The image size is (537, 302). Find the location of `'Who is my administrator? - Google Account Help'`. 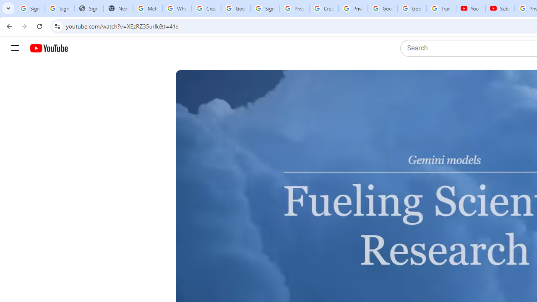

'Who is my administrator? - Google Account Help' is located at coordinates (176, 8).